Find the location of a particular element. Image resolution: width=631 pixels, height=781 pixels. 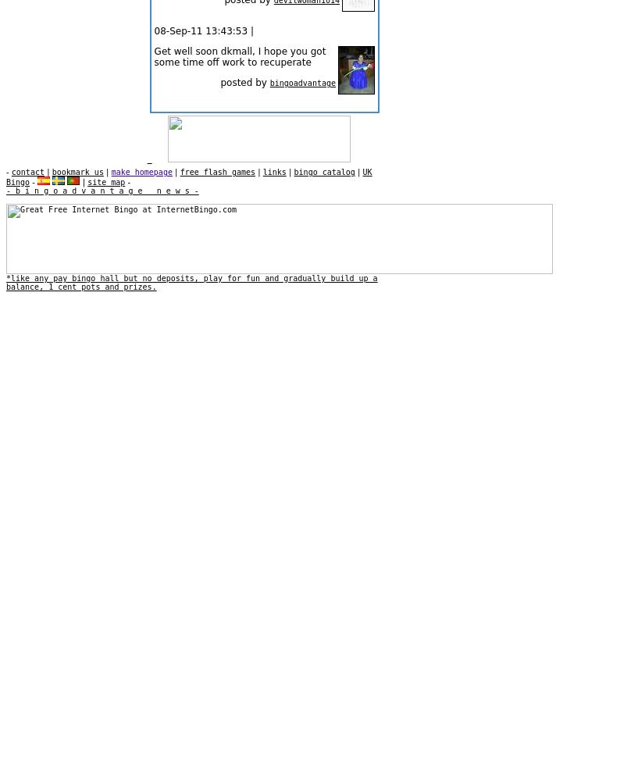

'UK Bingo' is located at coordinates (188, 177).